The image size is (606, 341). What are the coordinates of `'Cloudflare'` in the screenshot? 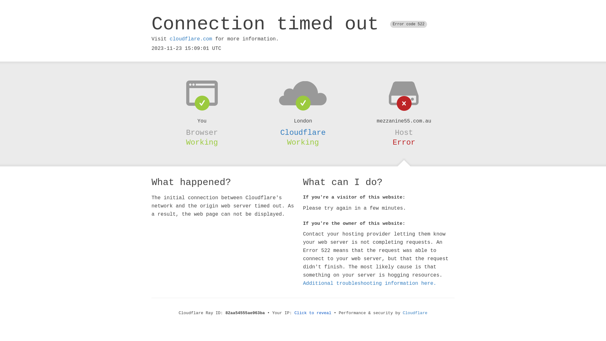 It's located at (303, 132).